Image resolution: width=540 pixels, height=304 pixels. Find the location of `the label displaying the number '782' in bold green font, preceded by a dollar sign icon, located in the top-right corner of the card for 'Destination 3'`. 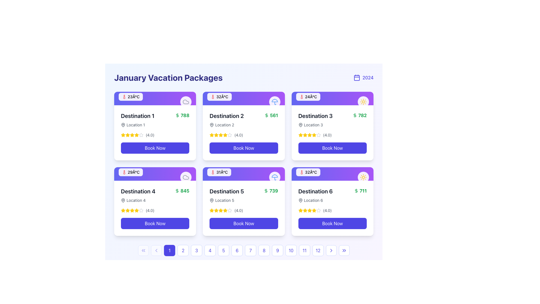

the label displaying the number '782' in bold green font, preceded by a dollar sign icon, located in the top-right corner of the card for 'Destination 3' is located at coordinates (359, 115).